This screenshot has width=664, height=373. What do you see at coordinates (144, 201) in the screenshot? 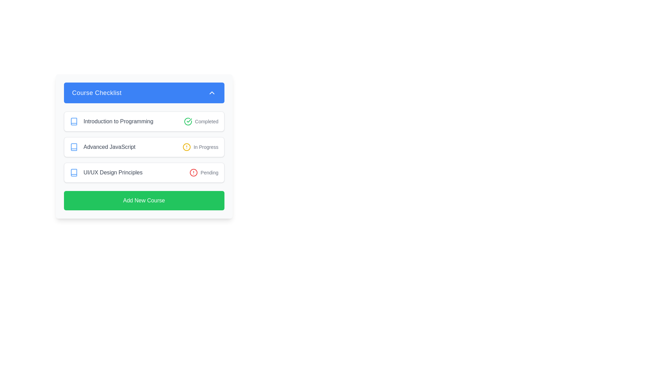
I see `the green button labeled 'Add New Course' located at the bottom of the card layout` at bounding box center [144, 201].